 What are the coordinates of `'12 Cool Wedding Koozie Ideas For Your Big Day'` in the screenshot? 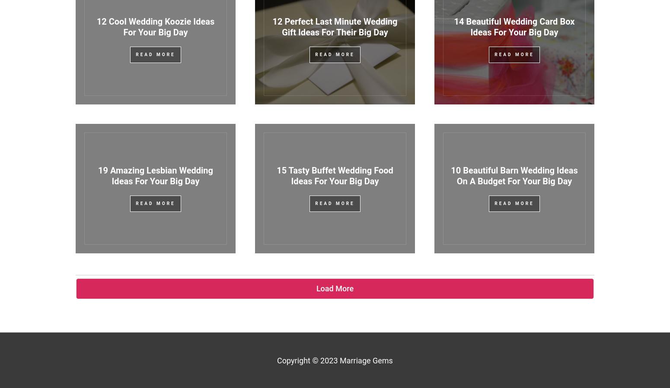 It's located at (155, 26).